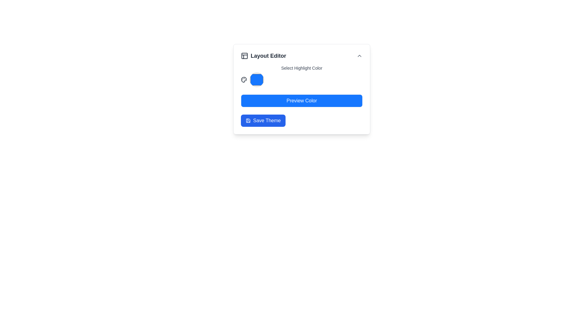 The width and height of the screenshot is (587, 330). What do you see at coordinates (302, 96) in the screenshot?
I see `the 'Preview Color' button` at bounding box center [302, 96].